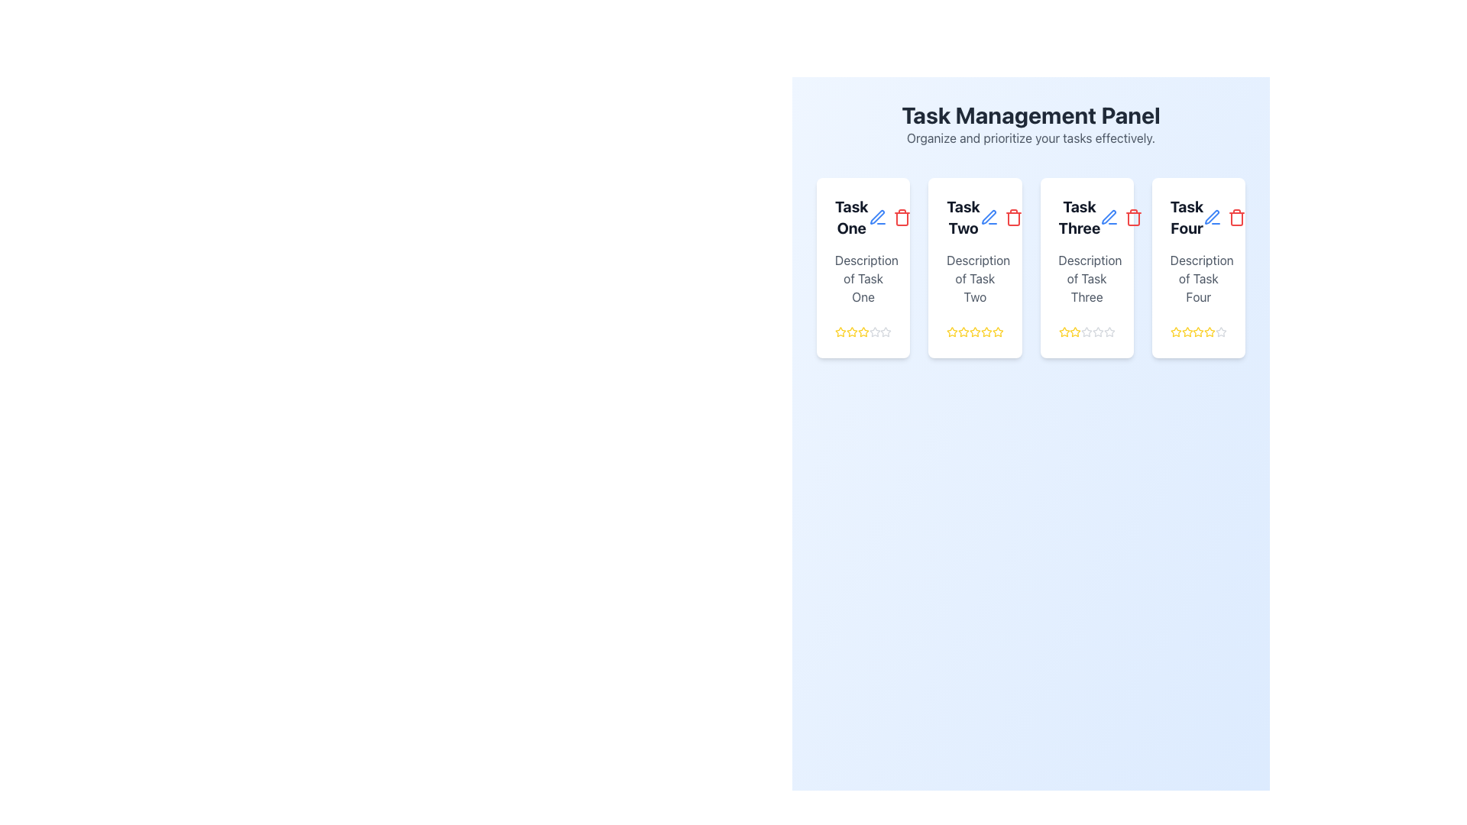  I want to click on the third yellow star-shaped icon in the rating row below the 'Task One' card, so click(863, 332).